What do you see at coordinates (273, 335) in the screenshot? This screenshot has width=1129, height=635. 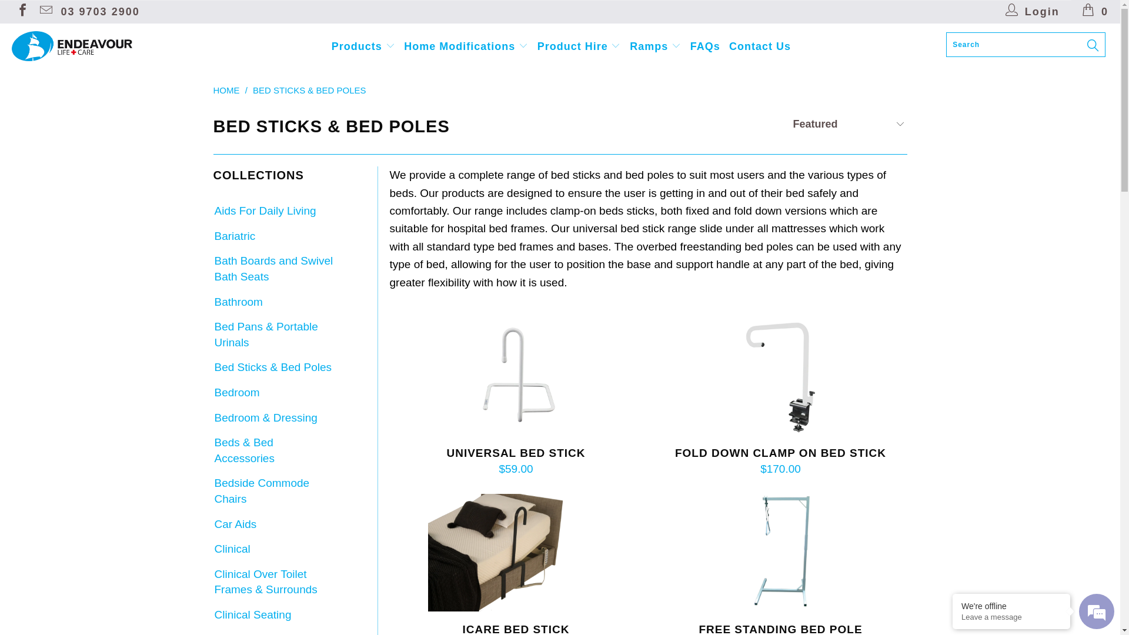 I see `'Bed Pans & Portable Urinals'` at bounding box center [273, 335].